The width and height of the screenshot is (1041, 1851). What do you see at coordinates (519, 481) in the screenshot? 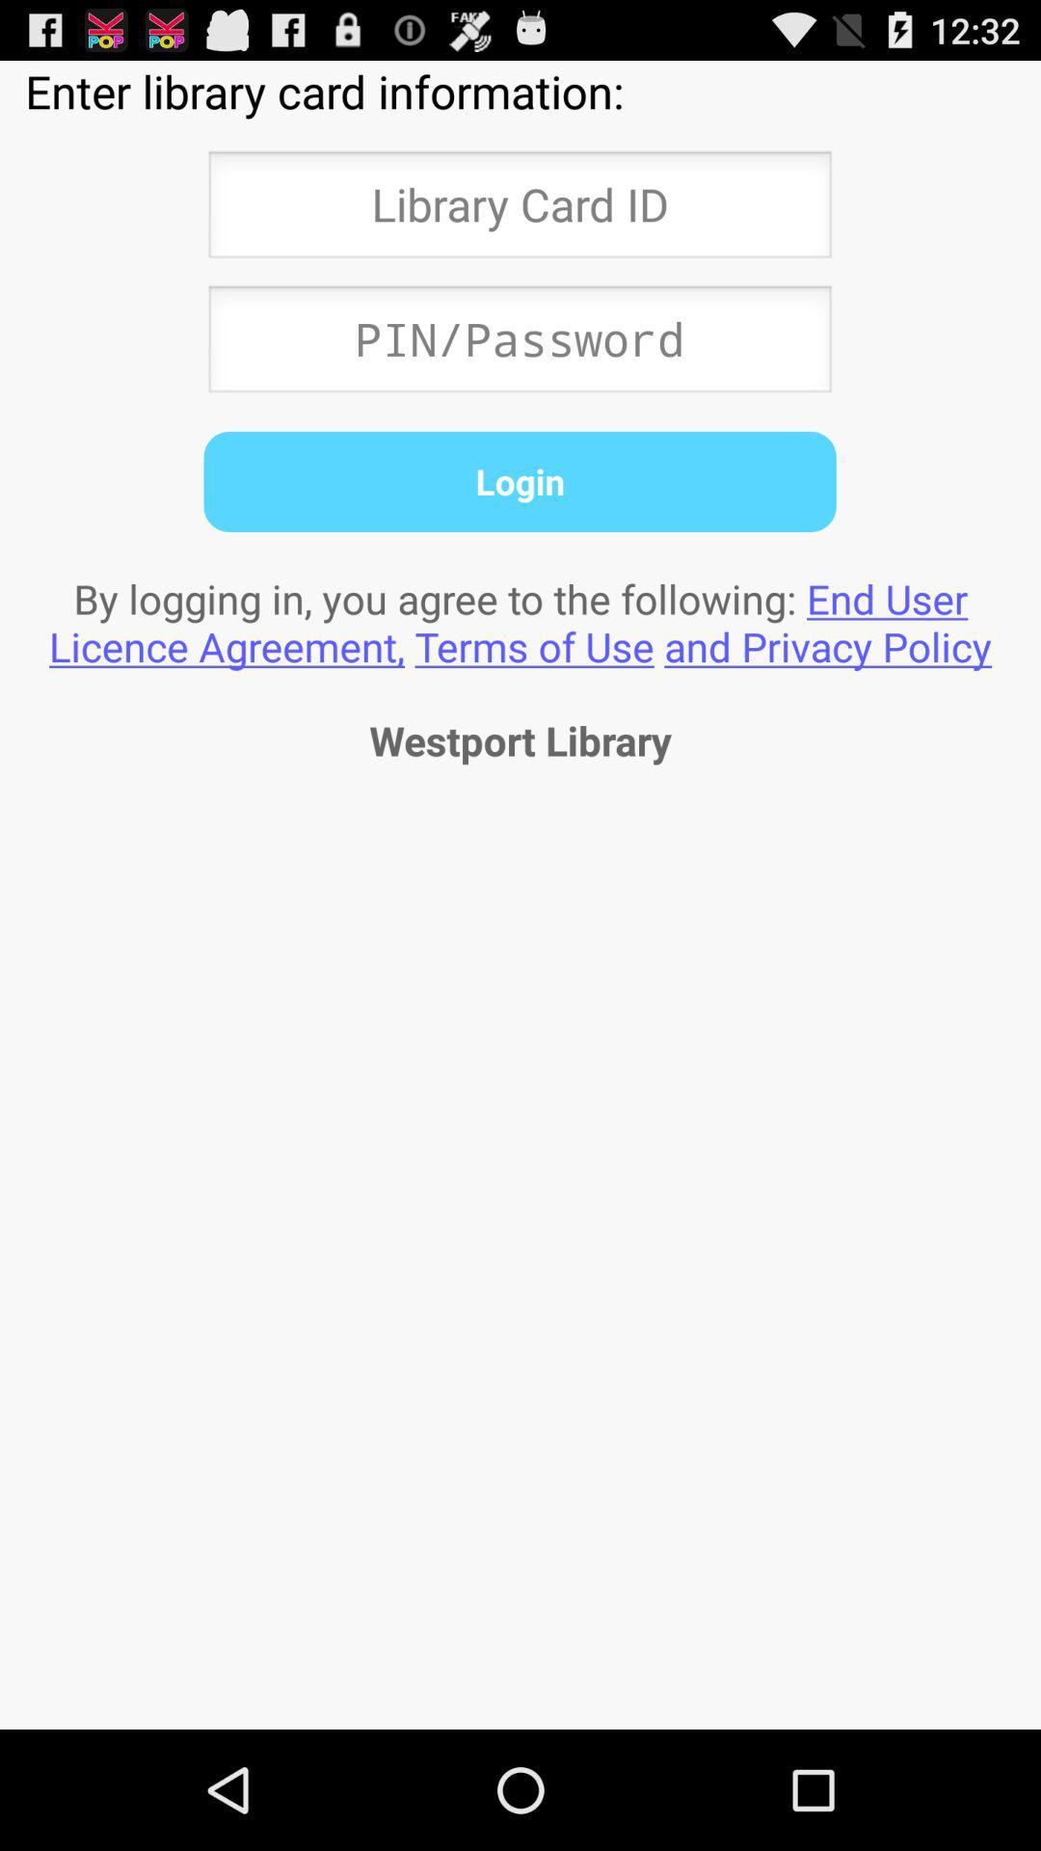
I see `the item above by logging in item` at bounding box center [519, 481].